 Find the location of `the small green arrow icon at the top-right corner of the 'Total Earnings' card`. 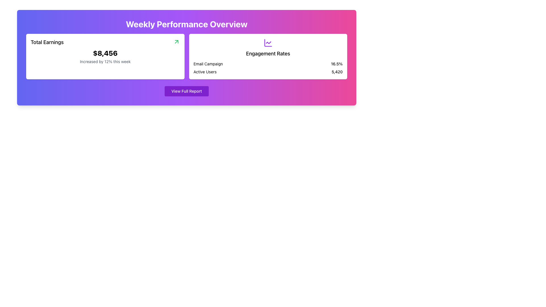

the small green arrow icon at the top-right corner of the 'Total Earnings' card is located at coordinates (176, 41).